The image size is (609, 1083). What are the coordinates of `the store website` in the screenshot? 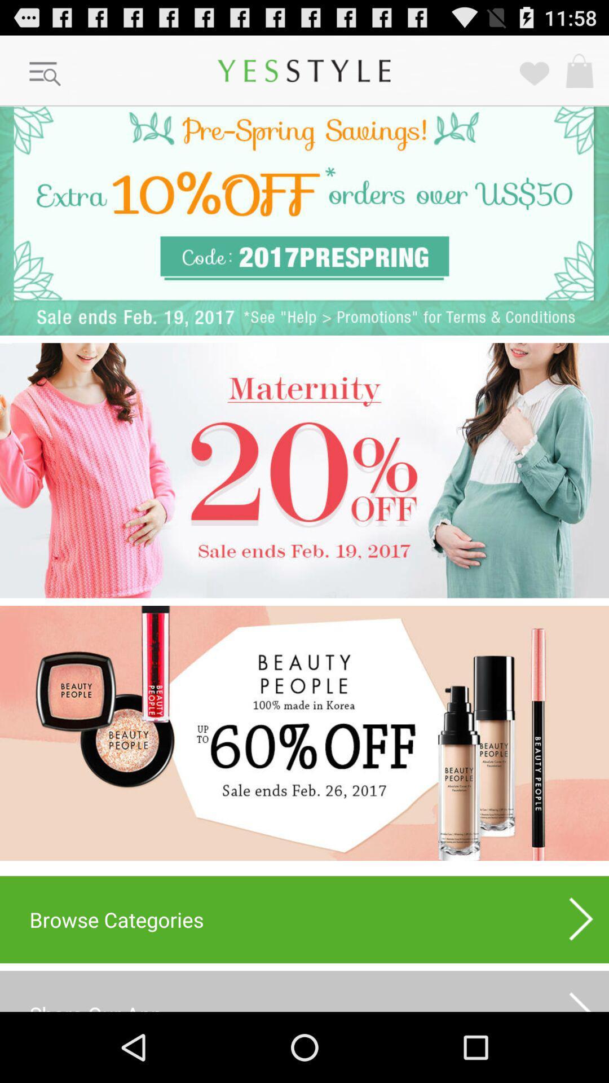 It's located at (304, 733).